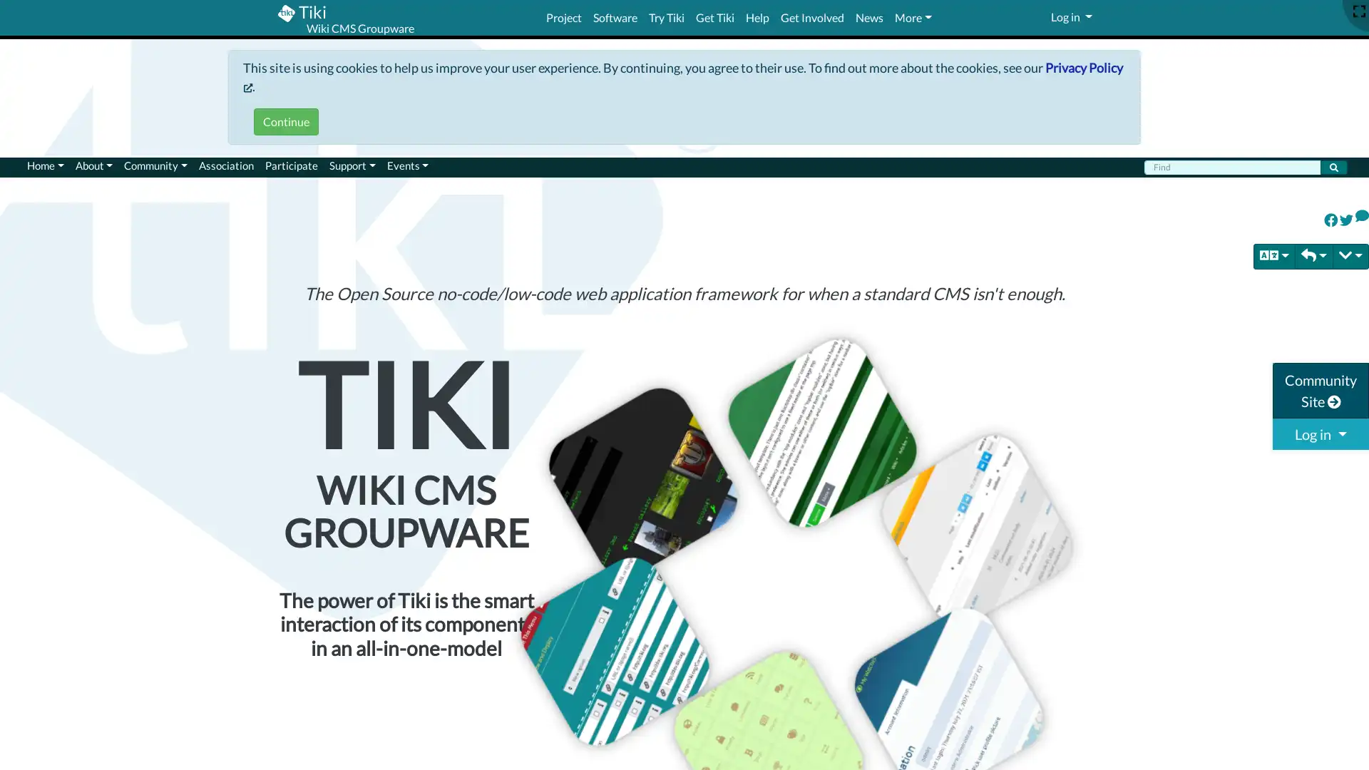 The width and height of the screenshot is (1369, 770). I want to click on Continue, so click(285, 120).